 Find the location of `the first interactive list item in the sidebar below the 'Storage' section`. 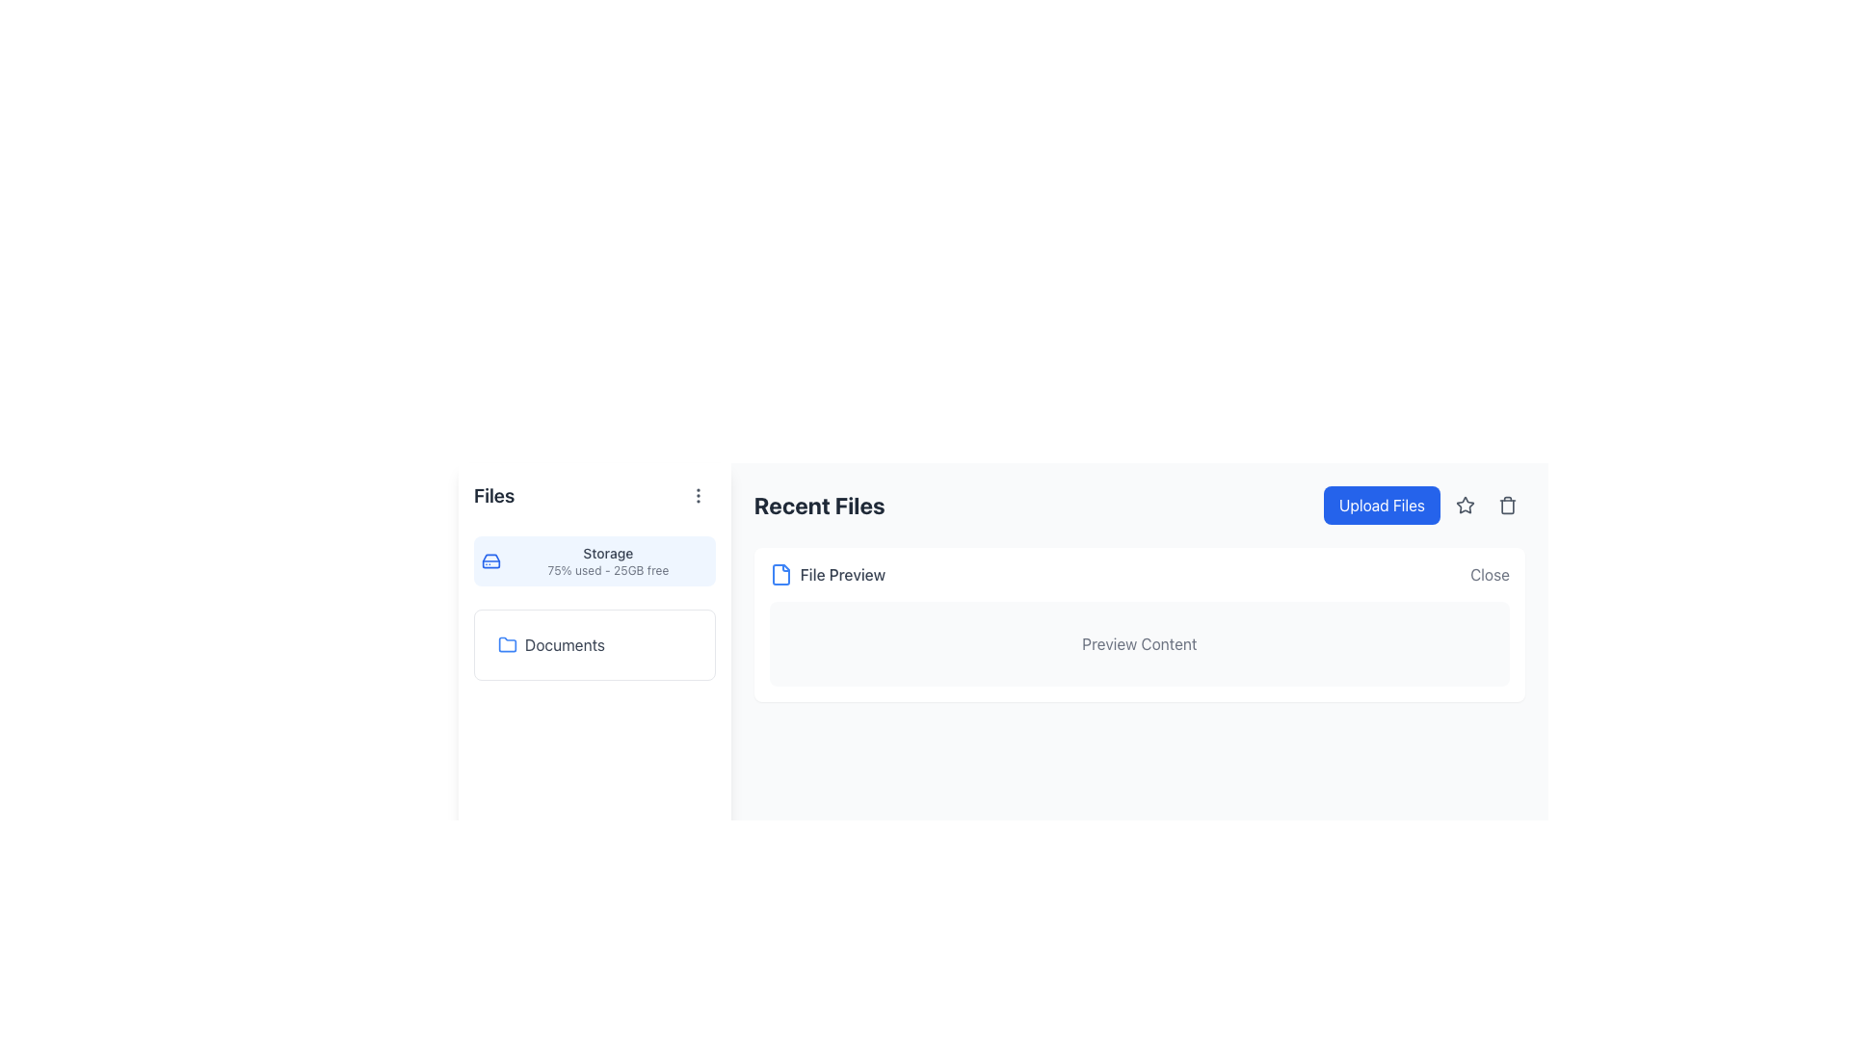

the first interactive list item in the sidebar below the 'Storage' section is located at coordinates (594, 645).